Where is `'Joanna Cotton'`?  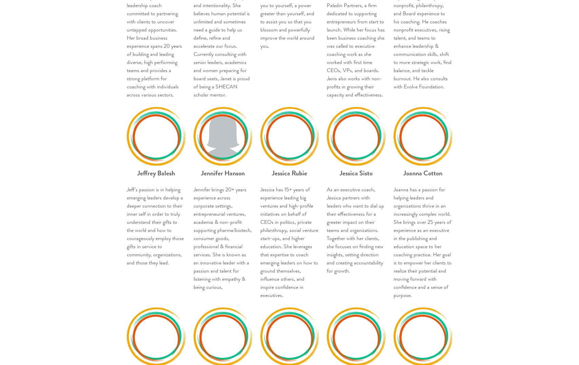
'Joanna Cotton' is located at coordinates (423, 173).